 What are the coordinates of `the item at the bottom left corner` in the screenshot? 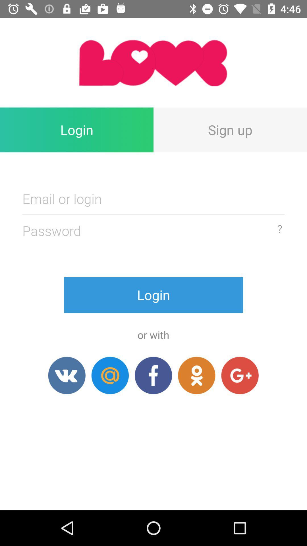 It's located at (67, 375).